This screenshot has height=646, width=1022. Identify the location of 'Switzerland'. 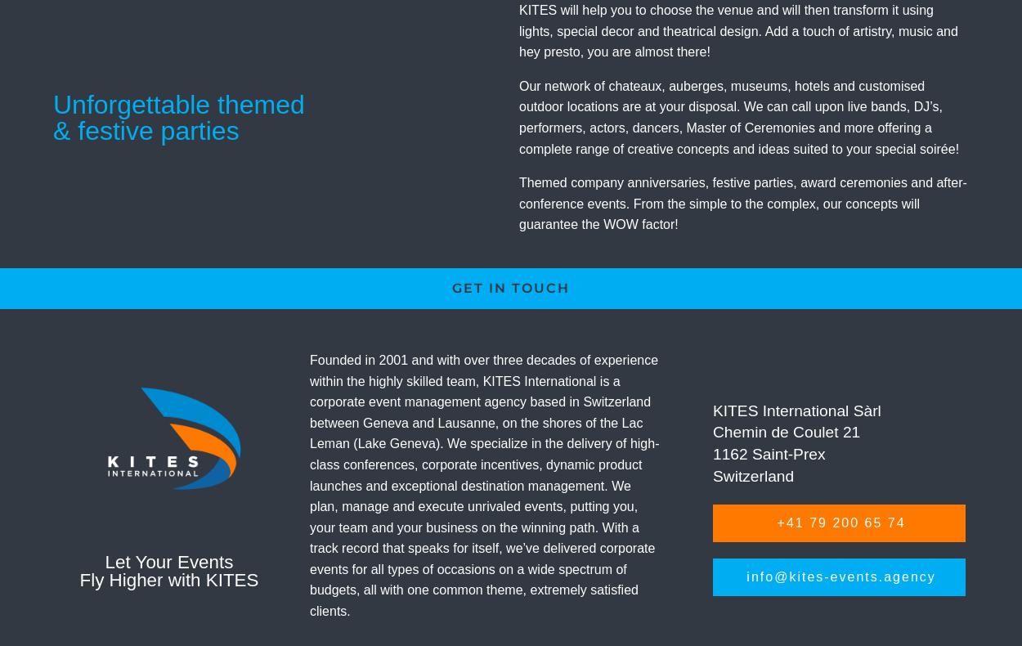
(753, 475).